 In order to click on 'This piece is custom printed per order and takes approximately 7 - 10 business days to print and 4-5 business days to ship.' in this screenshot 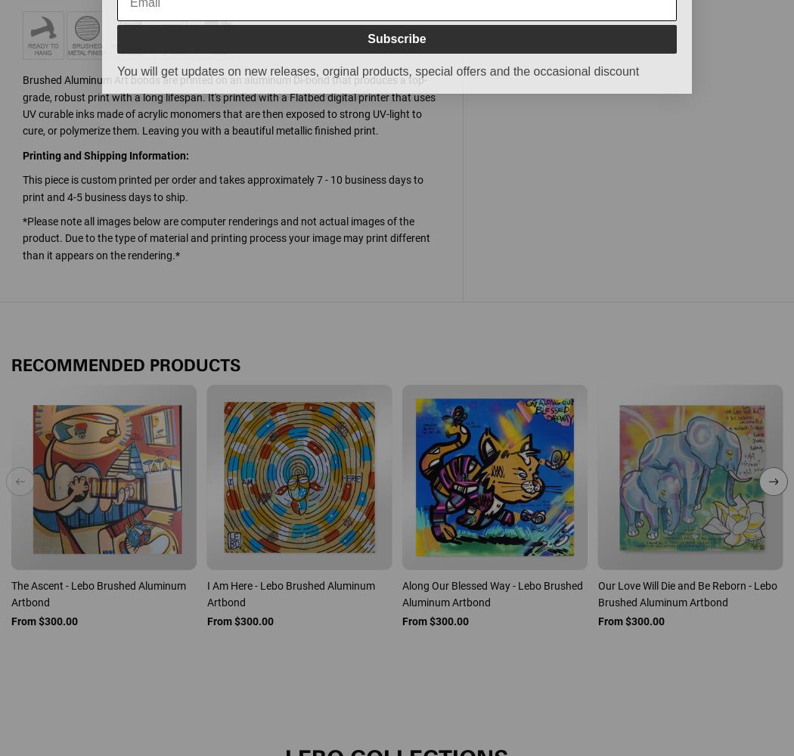, I will do `click(222, 187)`.